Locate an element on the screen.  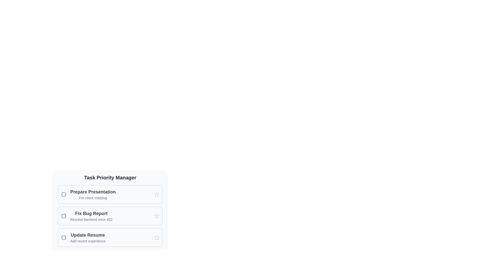
task name text, which serves as the header for the task item, positioned centrally above the subtitle 'Resolve backend error 402' is located at coordinates (91, 214).